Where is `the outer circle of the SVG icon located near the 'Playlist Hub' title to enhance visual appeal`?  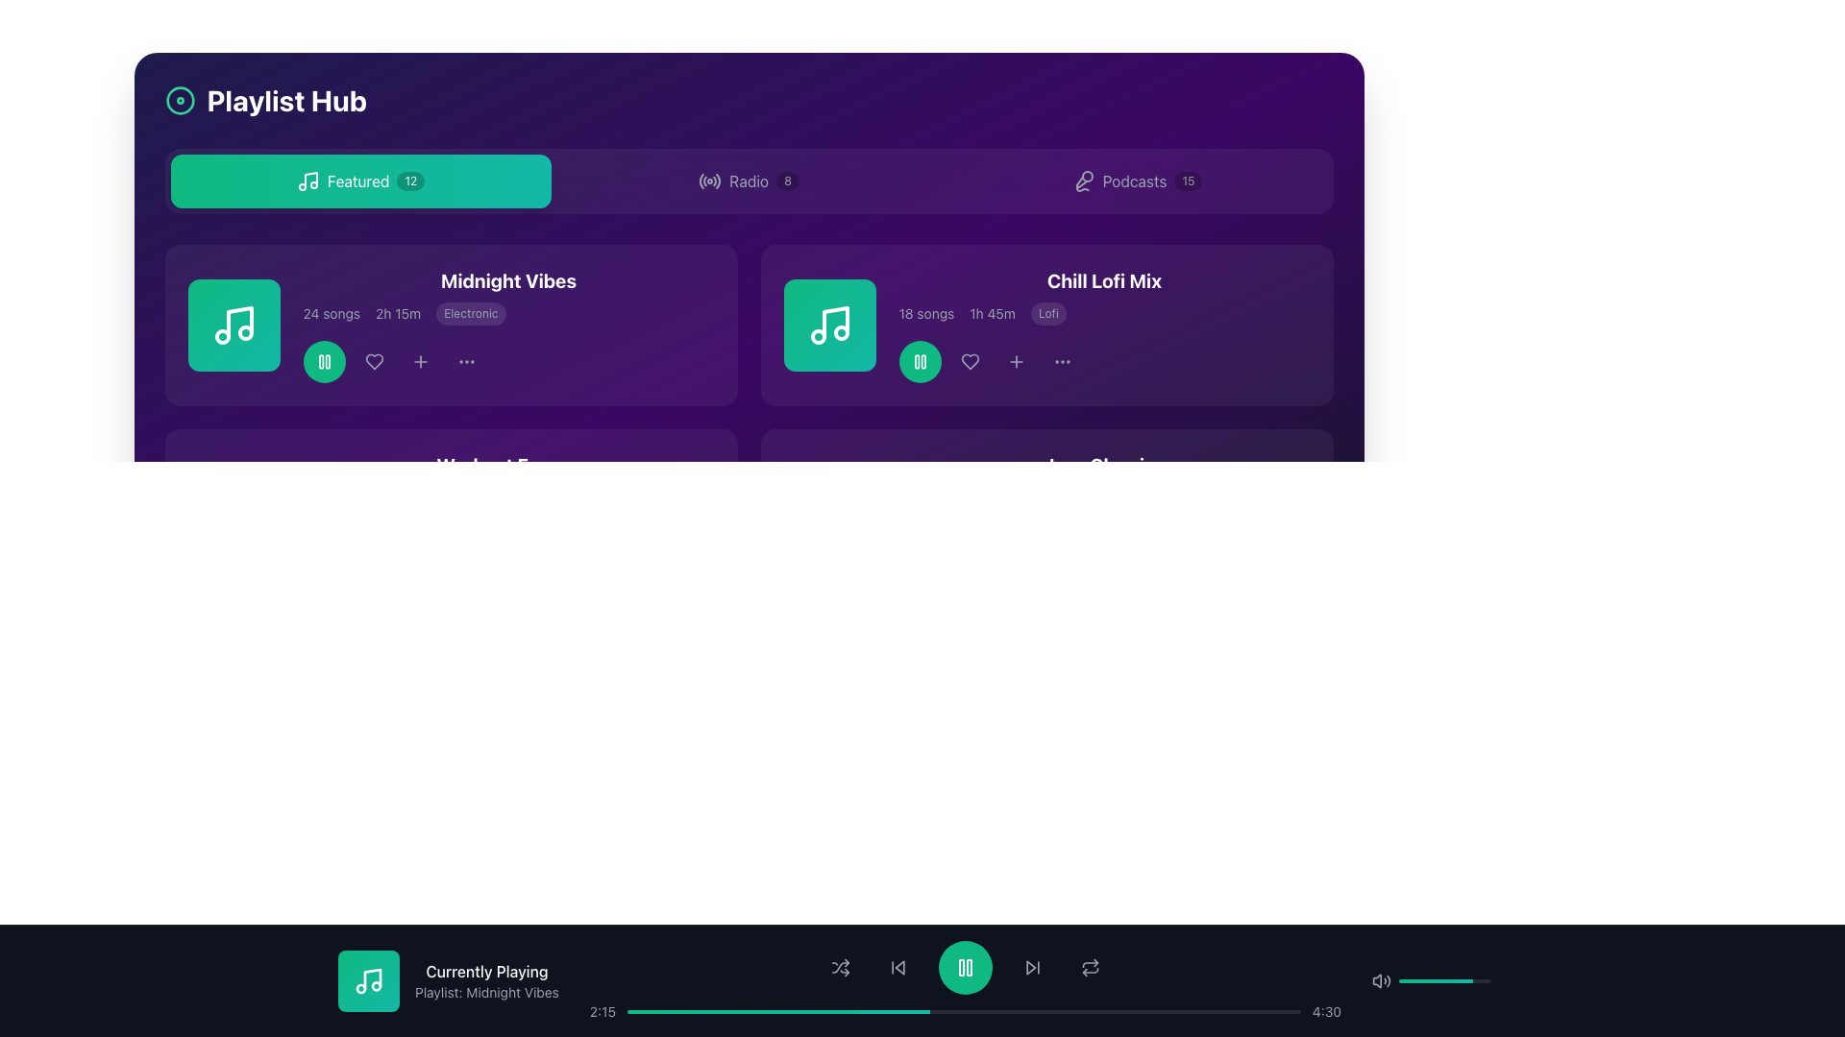
the outer circle of the SVG icon located near the 'Playlist Hub' title to enhance visual appeal is located at coordinates (180, 100).